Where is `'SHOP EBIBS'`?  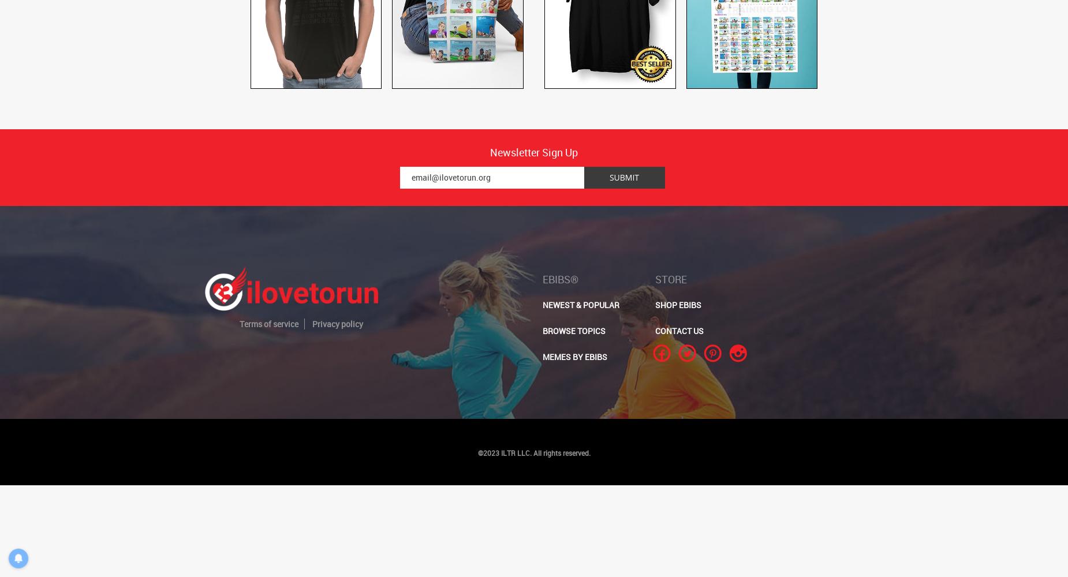 'SHOP EBIBS' is located at coordinates (677, 305).